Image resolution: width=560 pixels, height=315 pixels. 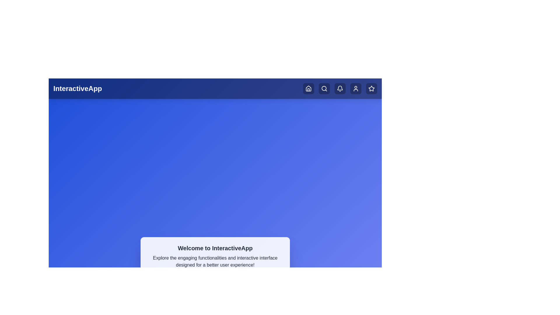 I want to click on the welcome message text to select it, so click(x=215, y=256).